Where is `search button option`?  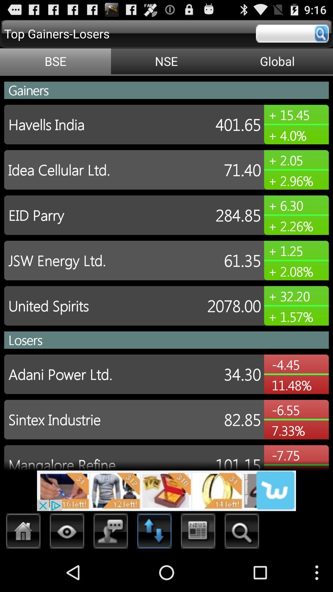
search button option is located at coordinates (241, 532).